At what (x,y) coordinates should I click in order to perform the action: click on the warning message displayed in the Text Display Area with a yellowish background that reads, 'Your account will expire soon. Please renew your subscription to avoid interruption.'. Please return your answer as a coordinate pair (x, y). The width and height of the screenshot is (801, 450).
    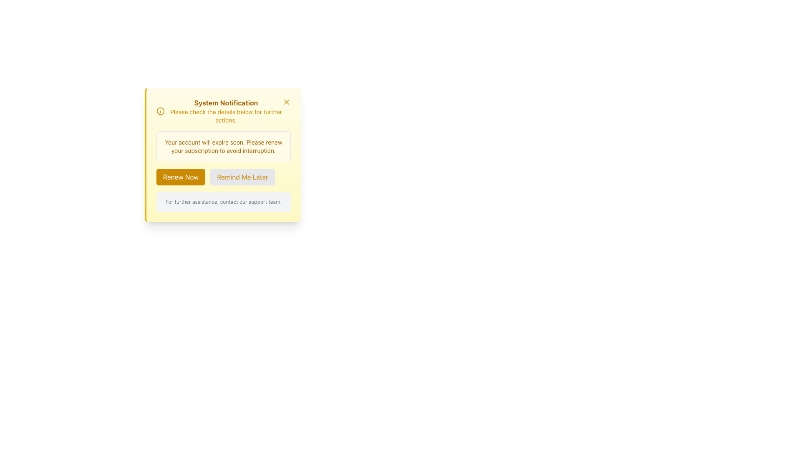
    Looking at the image, I should click on (224, 146).